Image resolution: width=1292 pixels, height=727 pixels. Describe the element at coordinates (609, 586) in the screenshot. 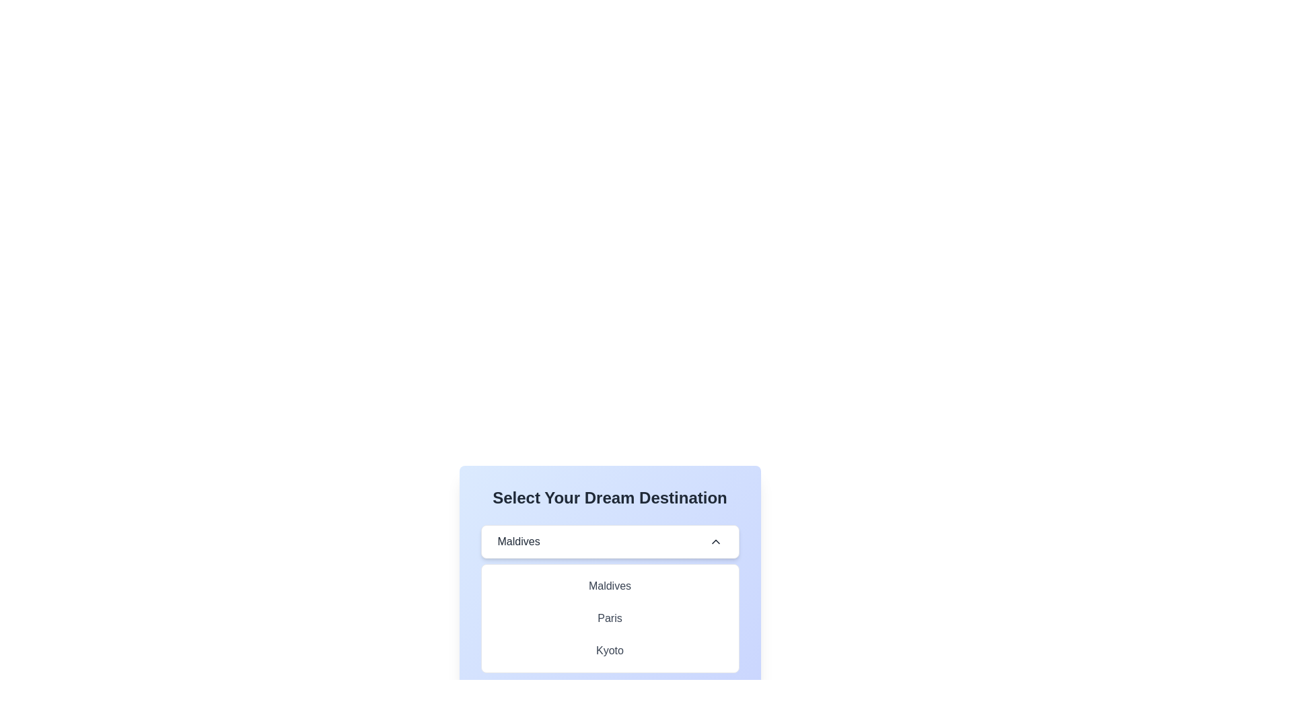

I see `the 'Maldives' selectable label in the dropdown menu` at that location.